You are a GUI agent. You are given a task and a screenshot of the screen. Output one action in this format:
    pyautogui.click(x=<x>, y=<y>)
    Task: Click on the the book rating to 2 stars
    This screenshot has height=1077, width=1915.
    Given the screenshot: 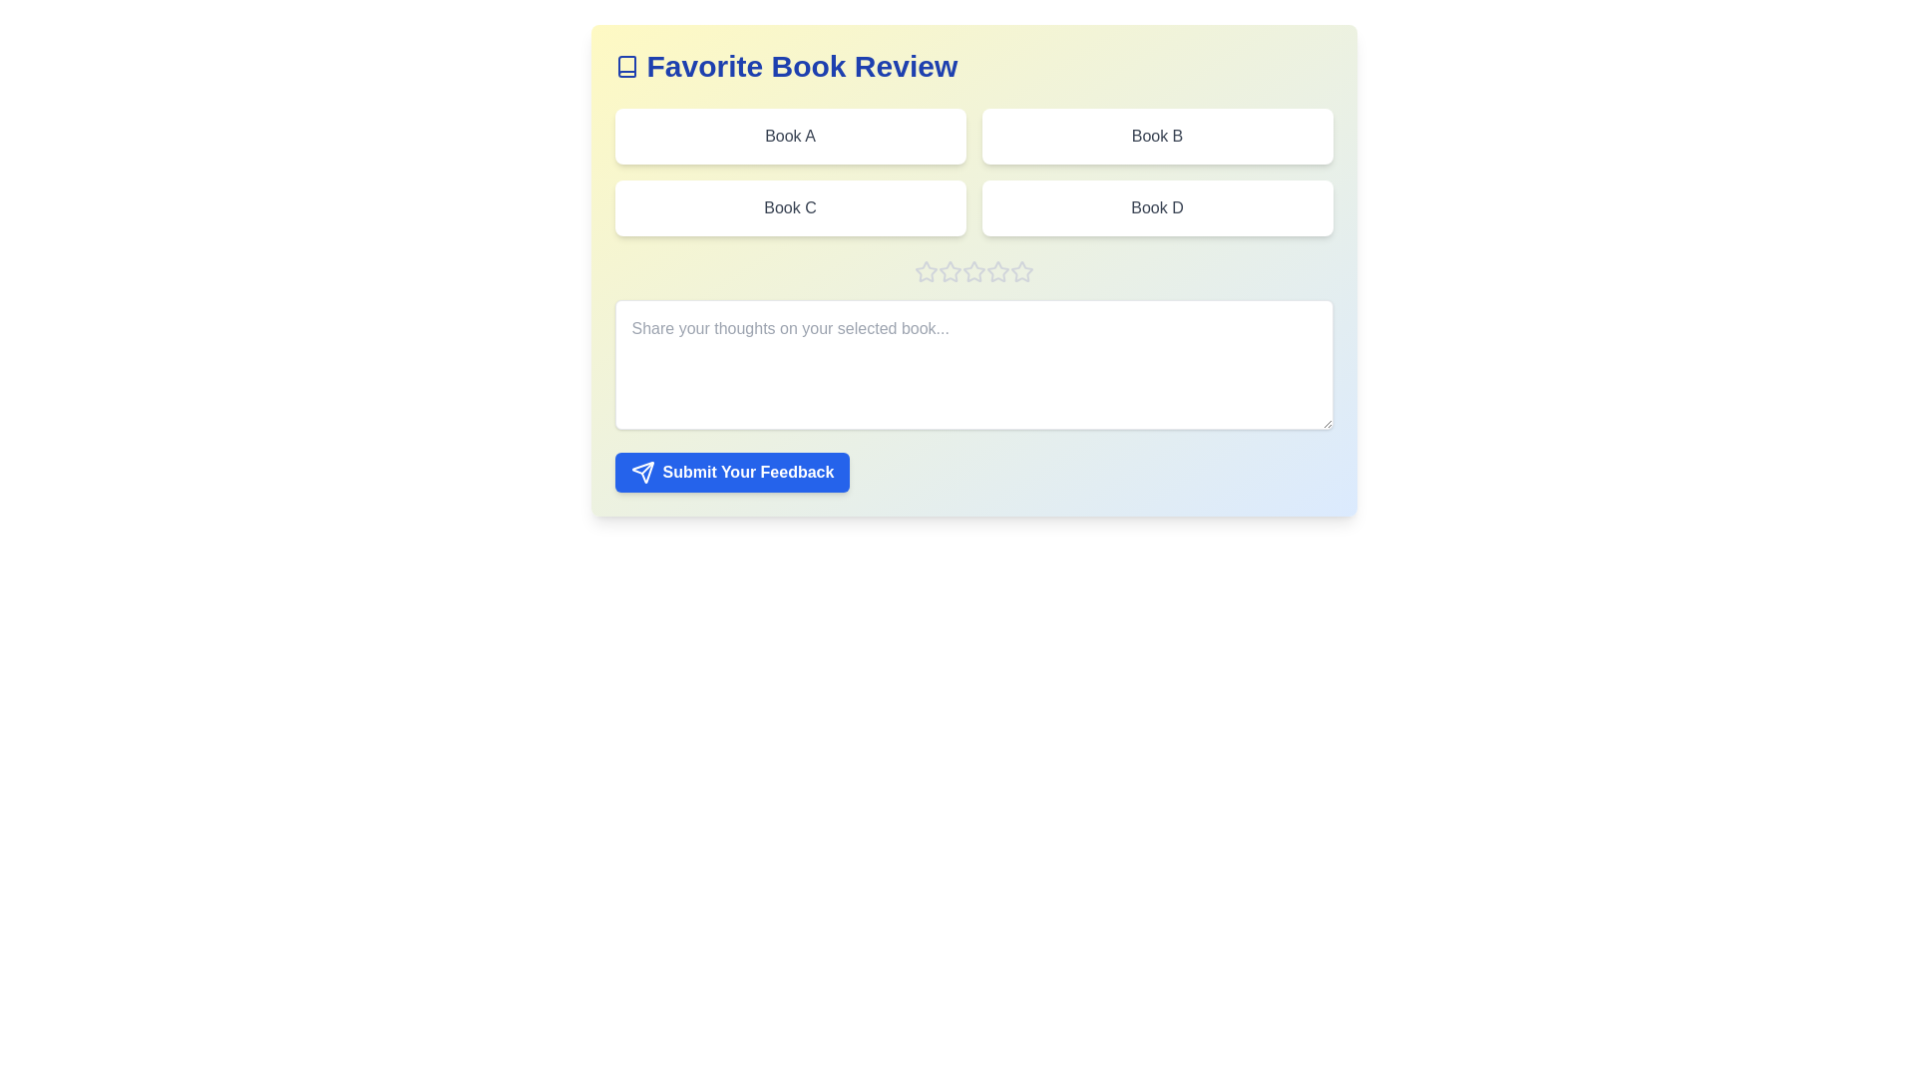 What is the action you would take?
    pyautogui.click(x=949, y=272)
    